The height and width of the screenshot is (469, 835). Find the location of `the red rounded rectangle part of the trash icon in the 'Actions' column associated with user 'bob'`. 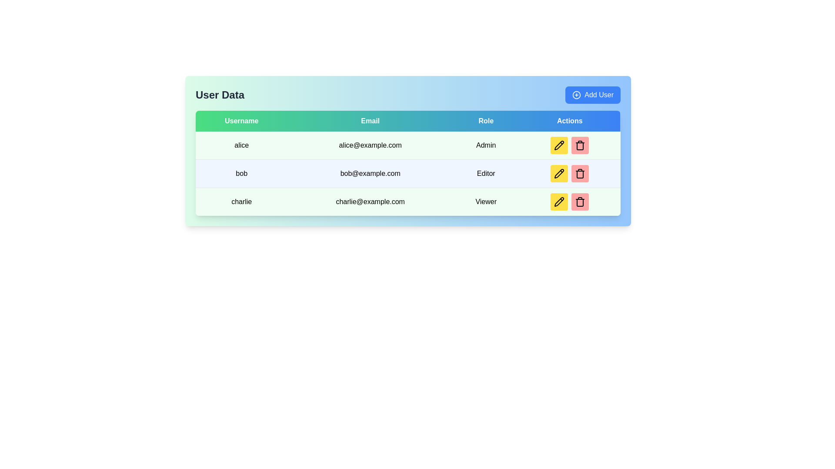

the red rounded rectangle part of the trash icon in the 'Actions' column associated with user 'bob' is located at coordinates (580, 174).